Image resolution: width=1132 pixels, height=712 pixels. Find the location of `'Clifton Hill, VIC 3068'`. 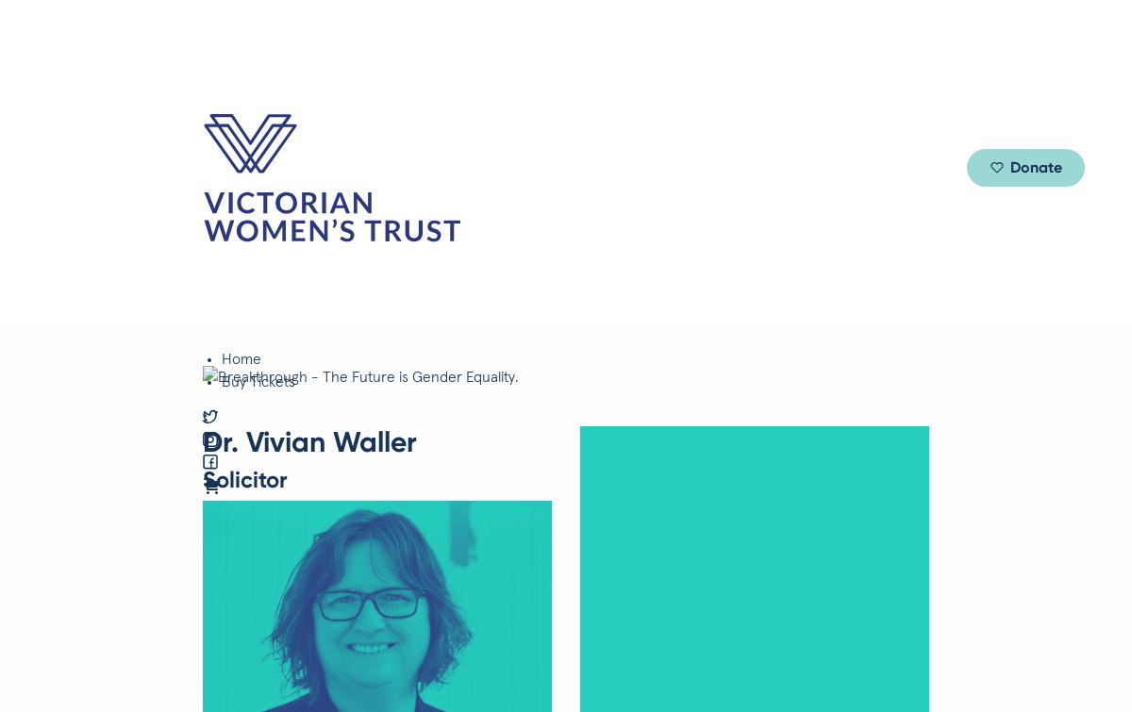

'Clifton Hill, VIC 3068' is located at coordinates (14, 635).